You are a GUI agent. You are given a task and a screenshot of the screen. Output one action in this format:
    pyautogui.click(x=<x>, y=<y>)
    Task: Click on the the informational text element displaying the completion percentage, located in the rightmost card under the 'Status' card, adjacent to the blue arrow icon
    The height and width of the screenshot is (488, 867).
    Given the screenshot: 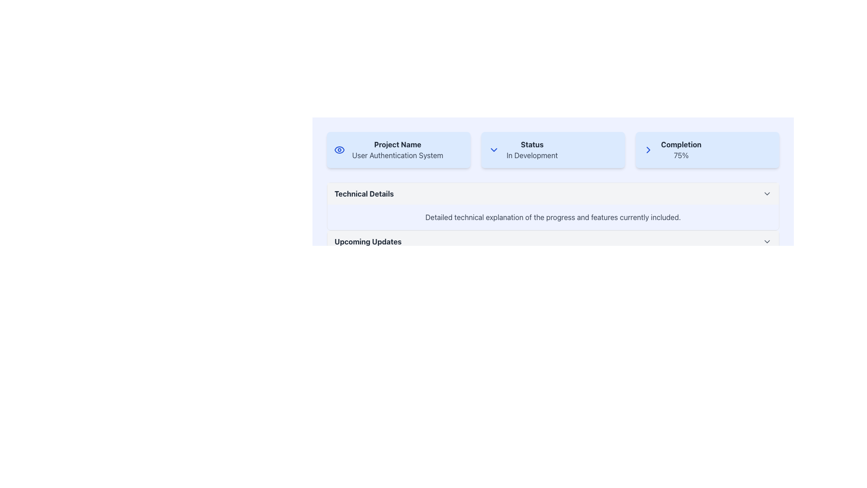 What is the action you would take?
    pyautogui.click(x=681, y=149)
    